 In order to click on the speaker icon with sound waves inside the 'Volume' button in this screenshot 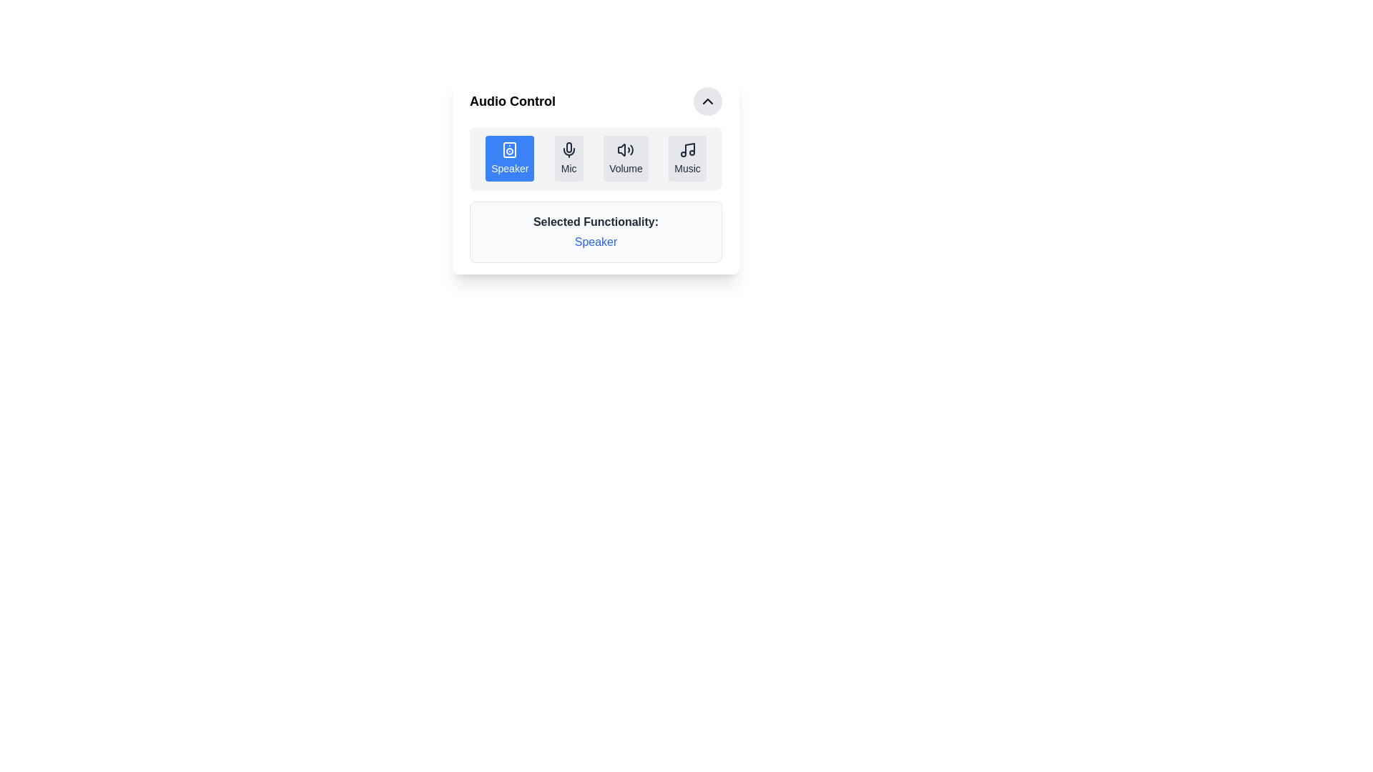, I will do `click(626, 149)`.